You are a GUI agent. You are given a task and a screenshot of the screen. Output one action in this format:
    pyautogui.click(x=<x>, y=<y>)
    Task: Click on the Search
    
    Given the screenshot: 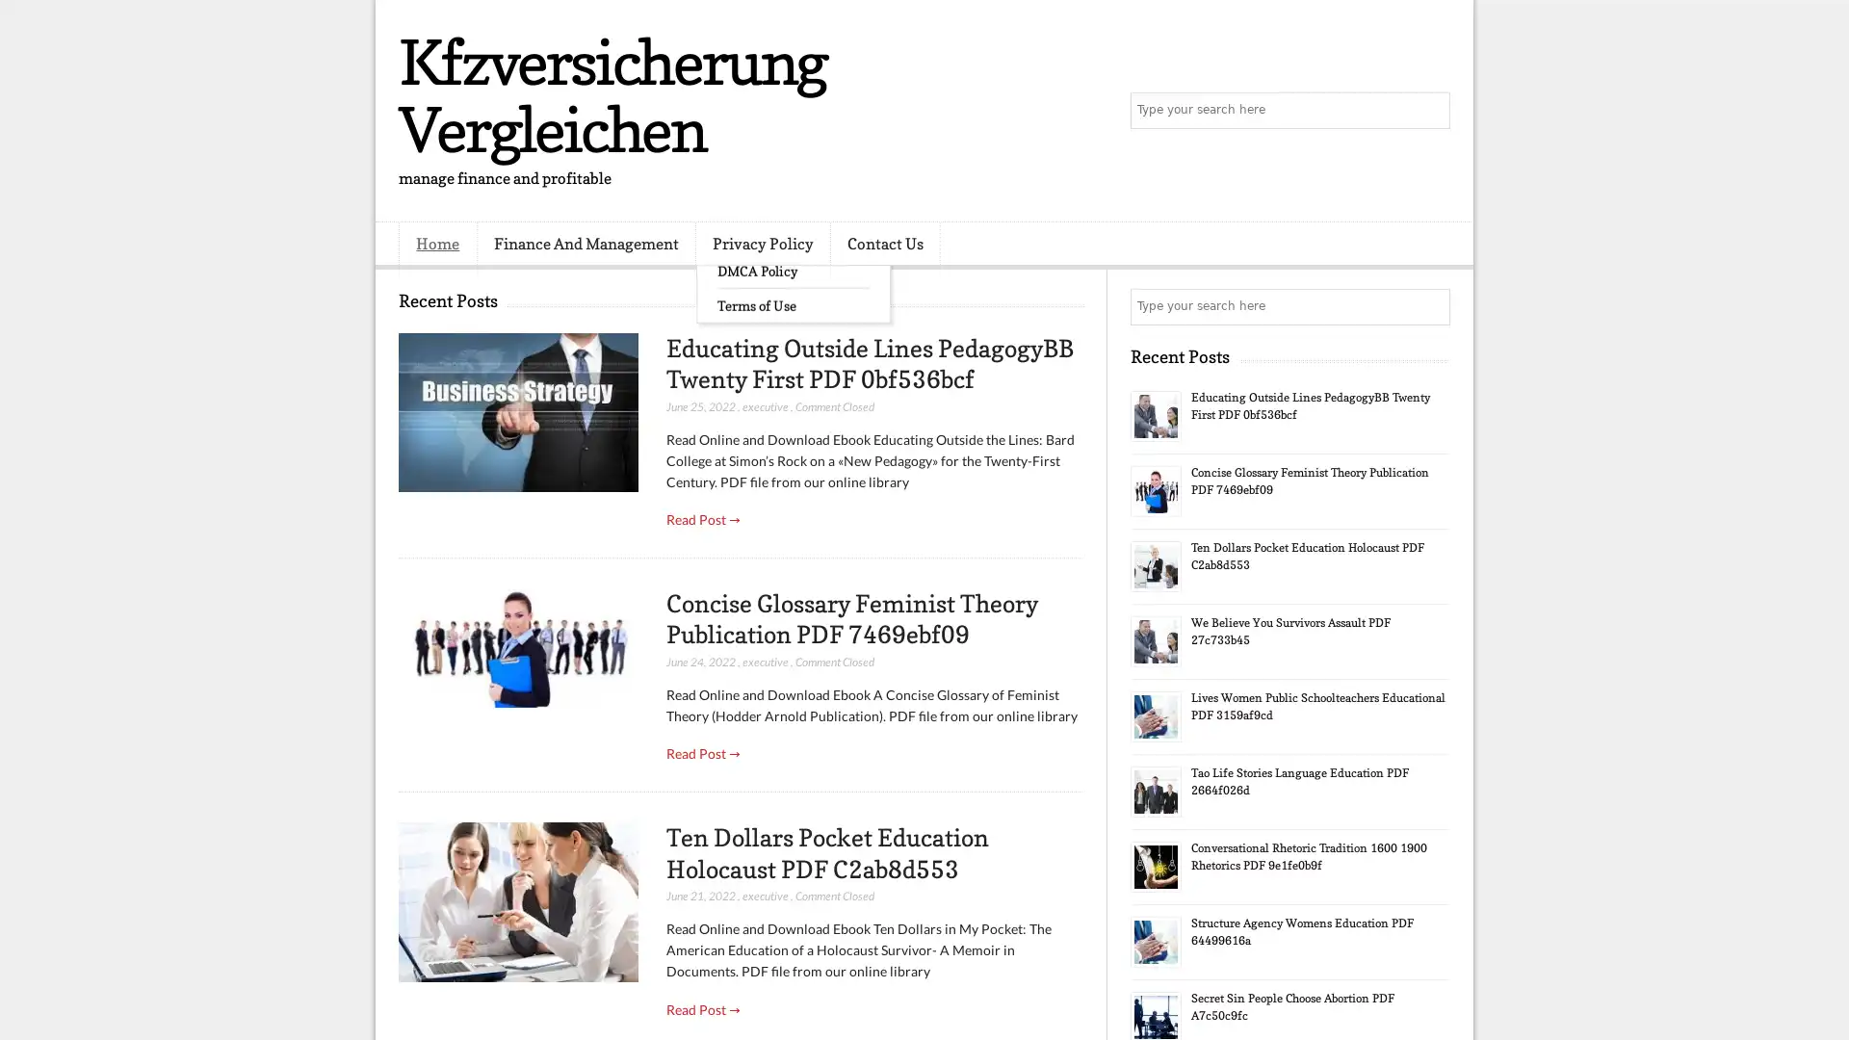 What is the action you would take?
    pyautogui.click(x=1430, y=111)
    